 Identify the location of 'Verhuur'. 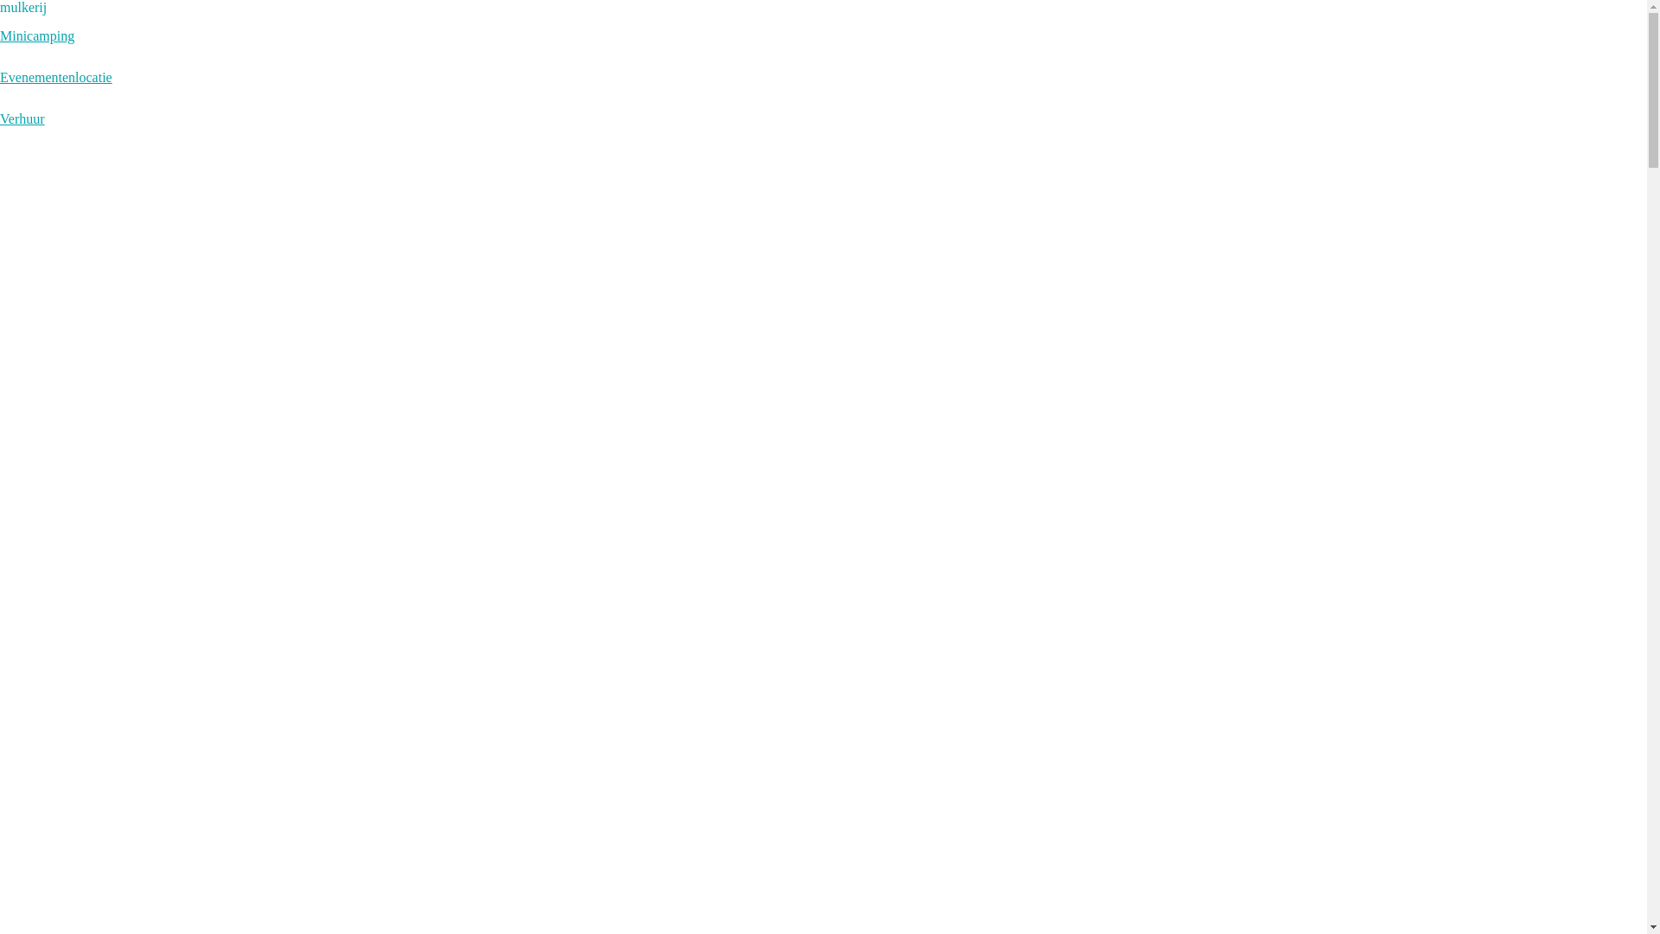
(0, 118).